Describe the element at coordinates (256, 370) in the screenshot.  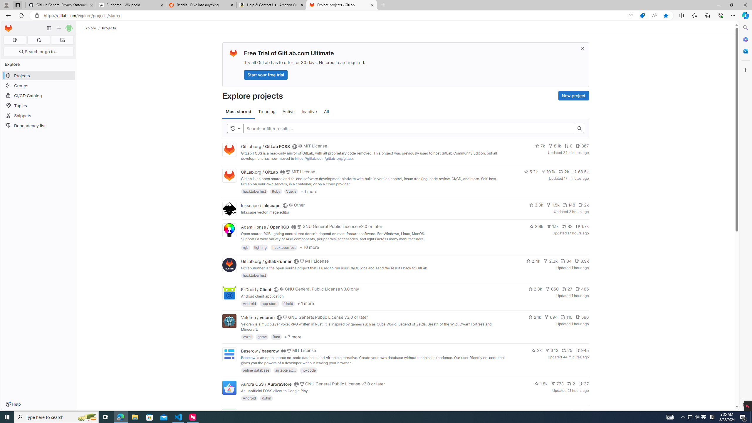
I see `'online database'` at that location.